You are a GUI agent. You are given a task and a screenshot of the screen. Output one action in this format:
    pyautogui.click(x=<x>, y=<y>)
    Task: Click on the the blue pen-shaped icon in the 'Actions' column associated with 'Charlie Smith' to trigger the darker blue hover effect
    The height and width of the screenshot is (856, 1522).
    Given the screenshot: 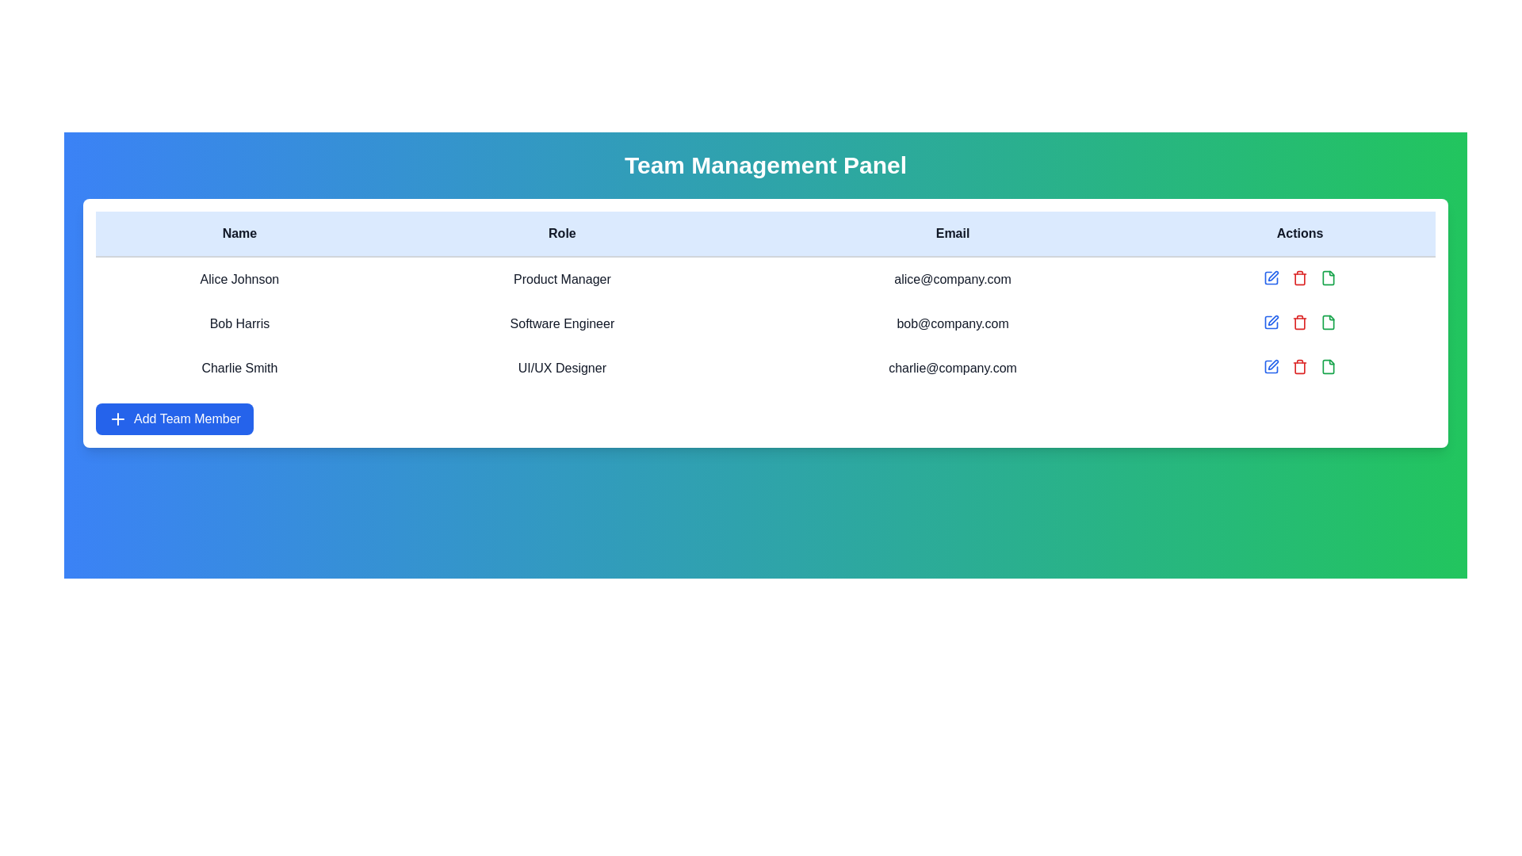 What is the action you would take?
    pyautogui.click(x=1271, y=366)
    